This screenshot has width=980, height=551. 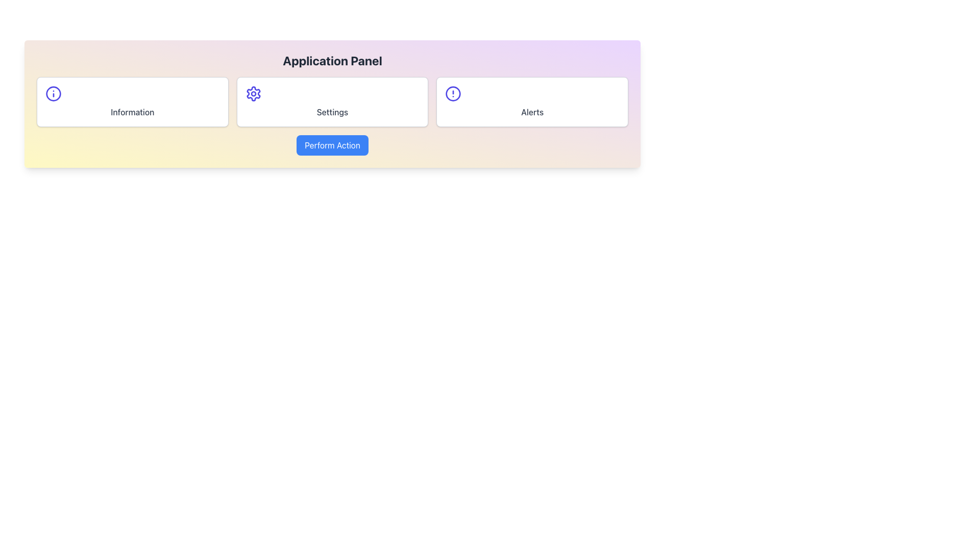 I want to click on the 'Settings' card, which is the second card in a horizontal row of three, so click(x=332, y=102).